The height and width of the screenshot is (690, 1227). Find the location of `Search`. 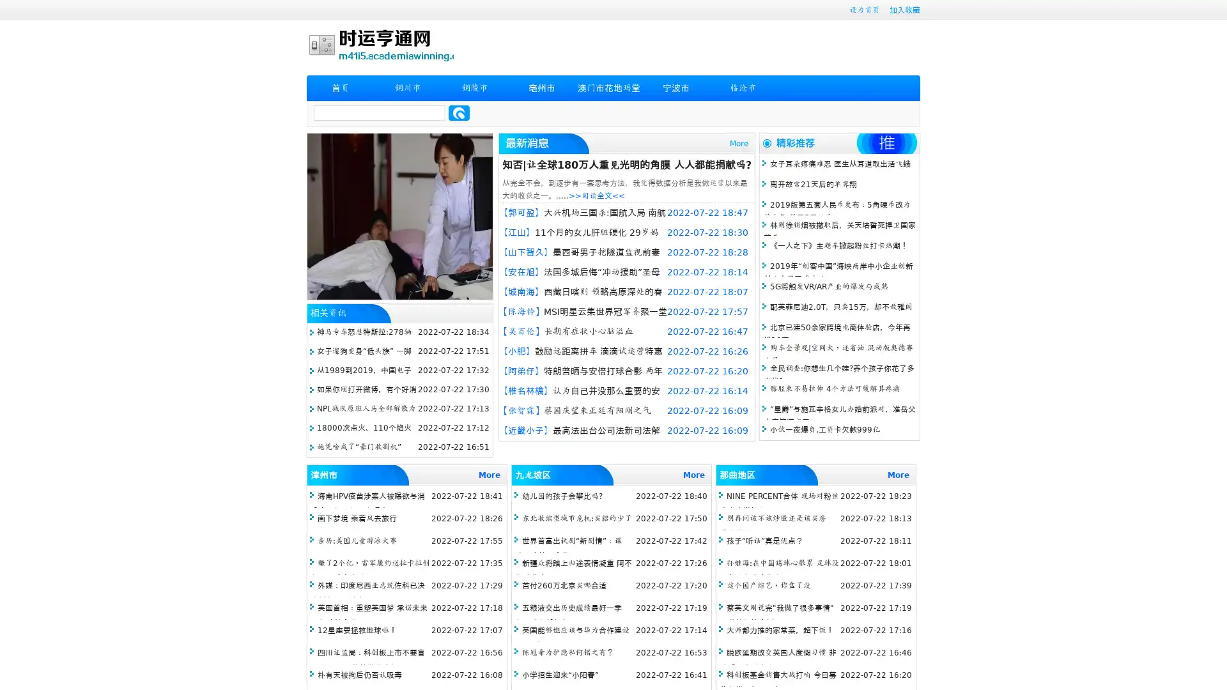

Search is located at coordinates (459, 112).